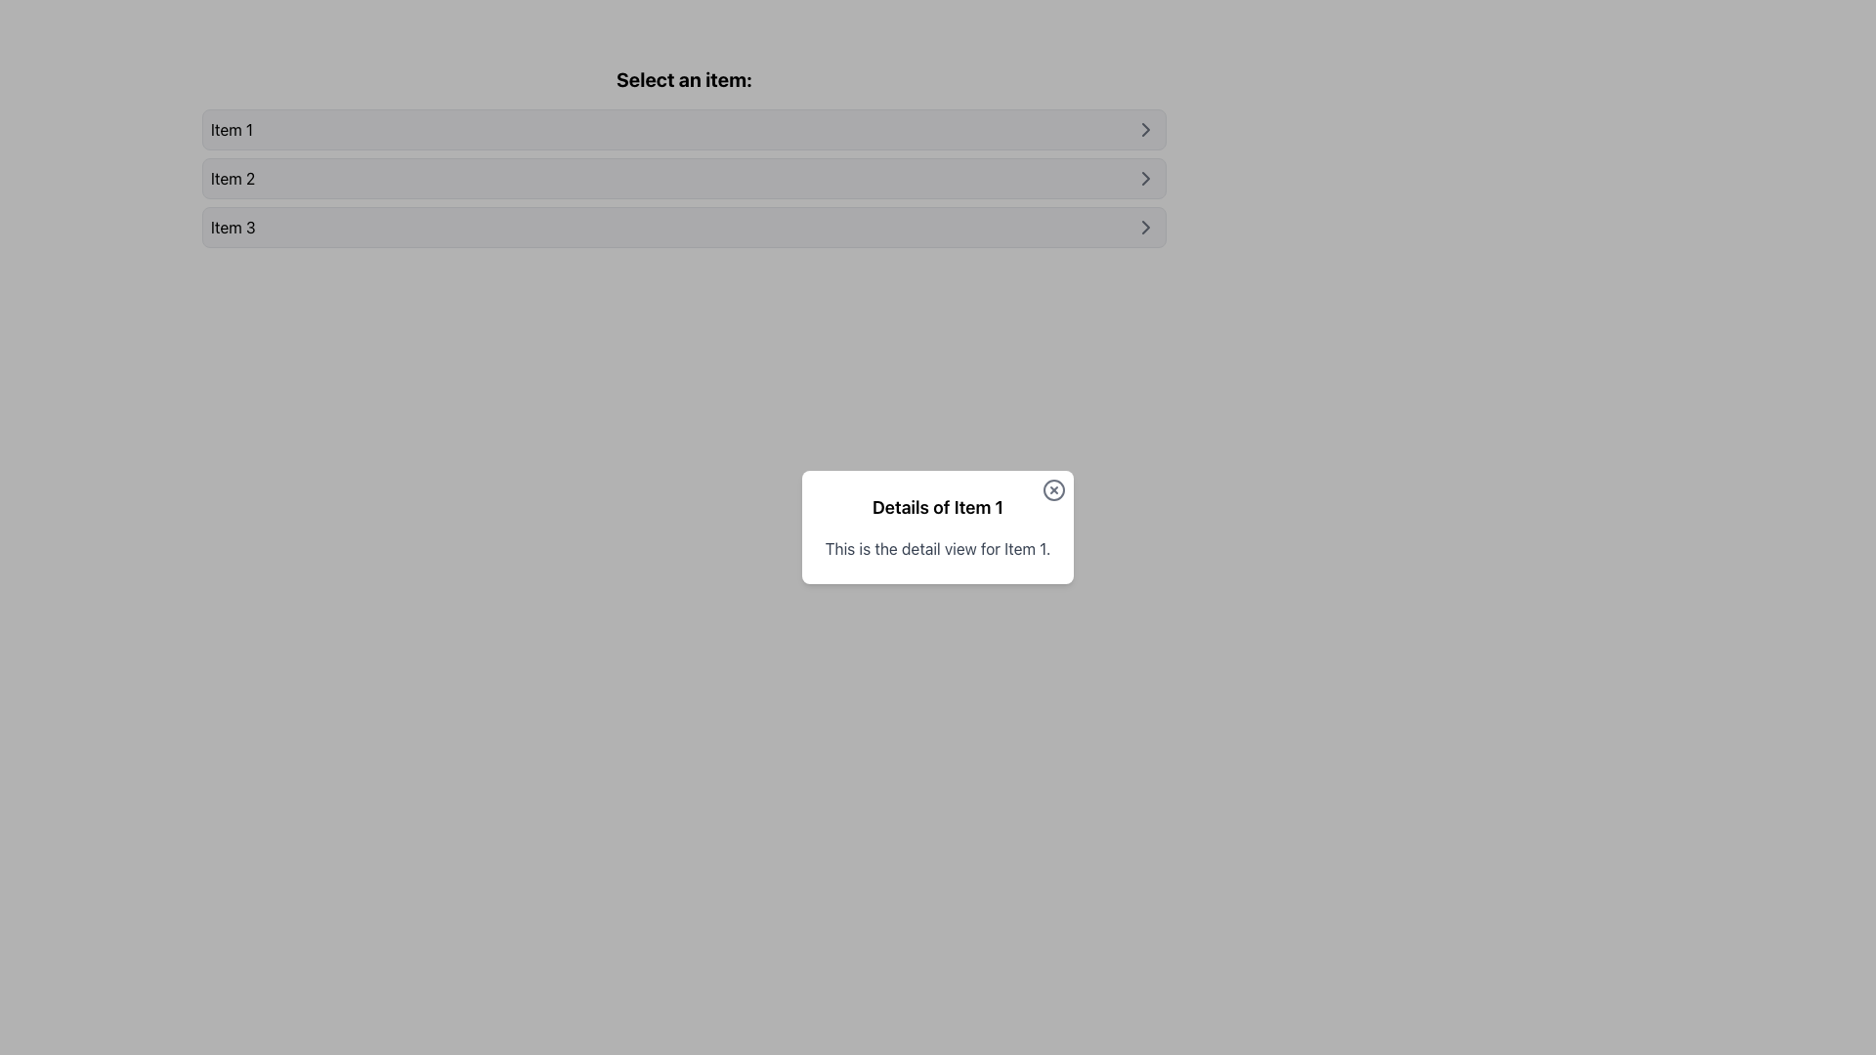  What do you see at coordinates (1145, 226) in the screenshot?
I see `the chevron icon pointing right, located at the far right end of the 'Item 3' list item panel to initiate navigation or expansion` at bounding box center [1145, 226].